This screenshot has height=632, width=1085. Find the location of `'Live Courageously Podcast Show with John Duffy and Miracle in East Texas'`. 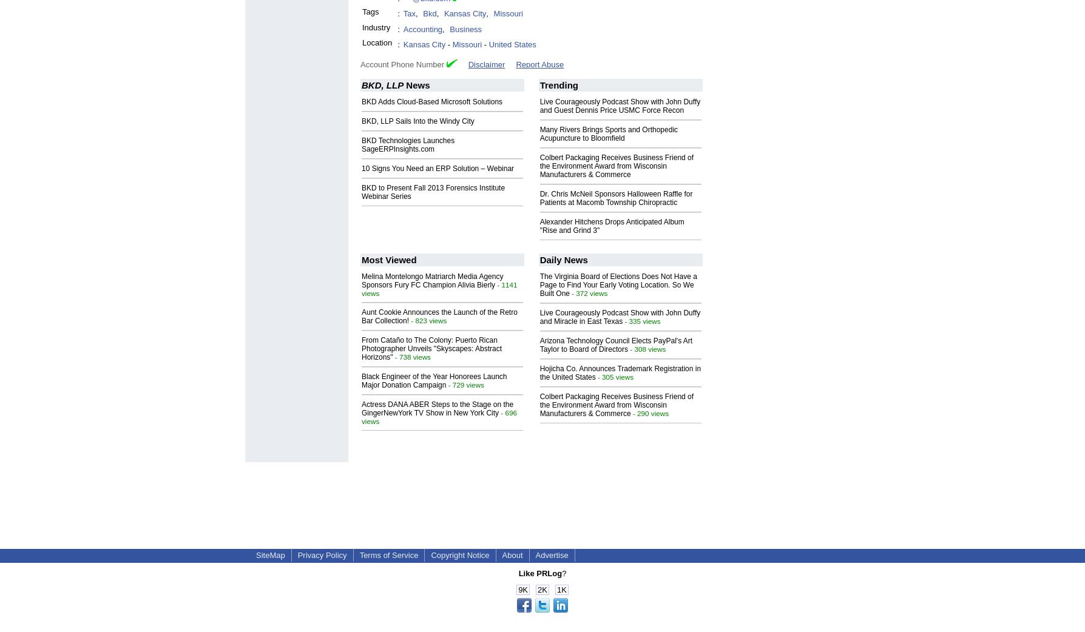

'Live Courageously Podcast Show with John Duffy and Miracle in East Texas' is located at coordinates (538, 316).